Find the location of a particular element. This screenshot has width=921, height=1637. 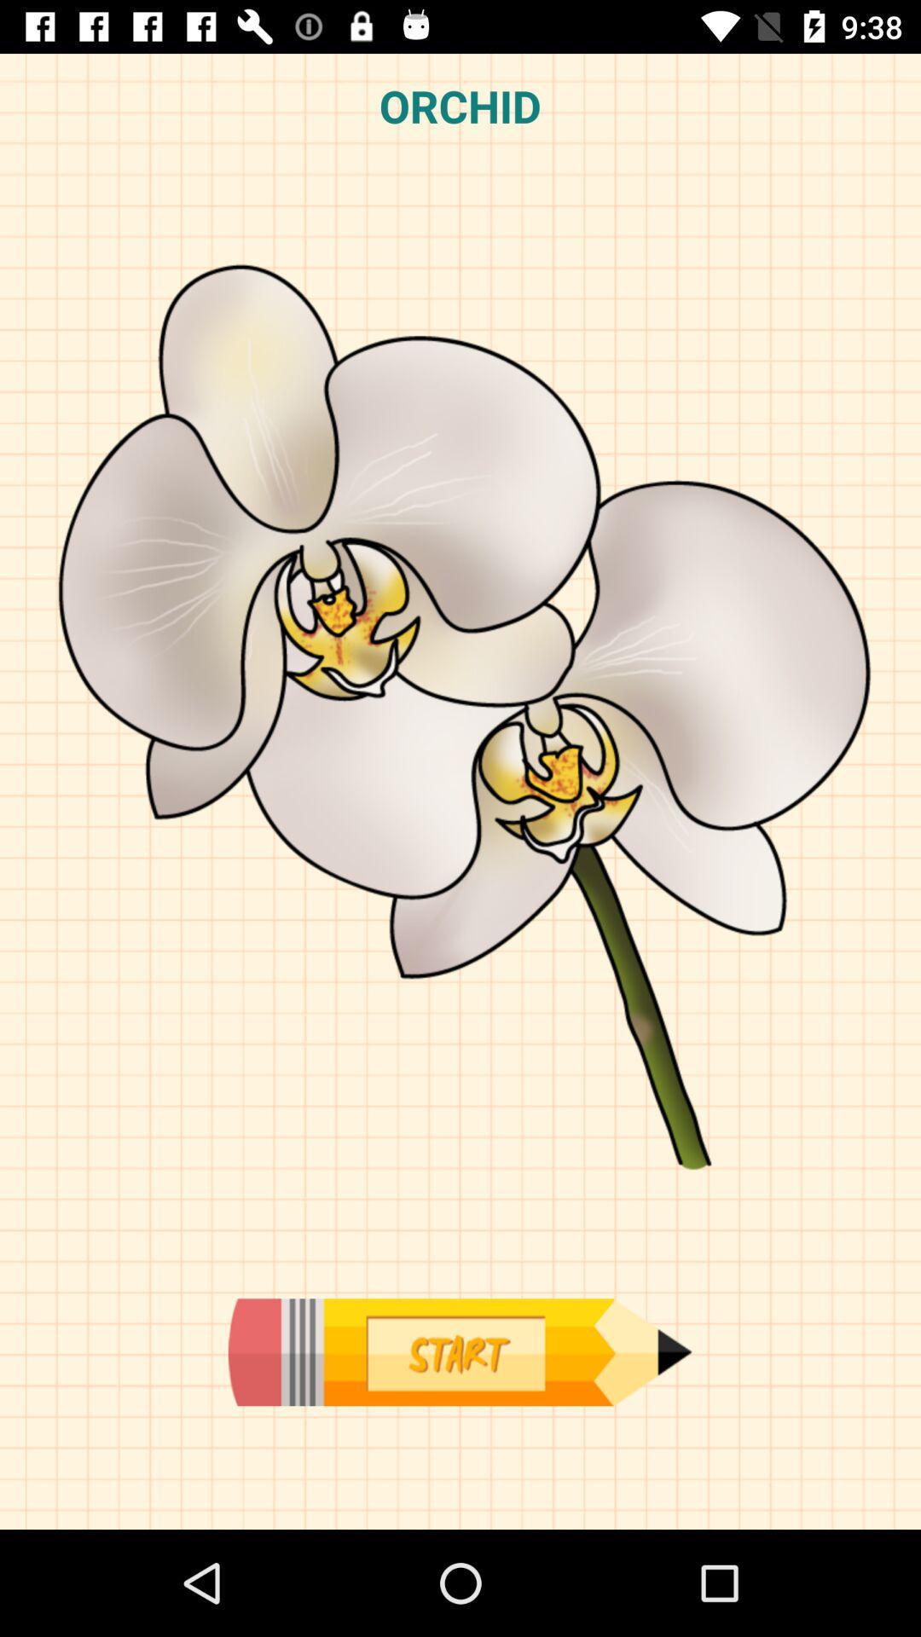

start button is located at coordinates (459, 1351).